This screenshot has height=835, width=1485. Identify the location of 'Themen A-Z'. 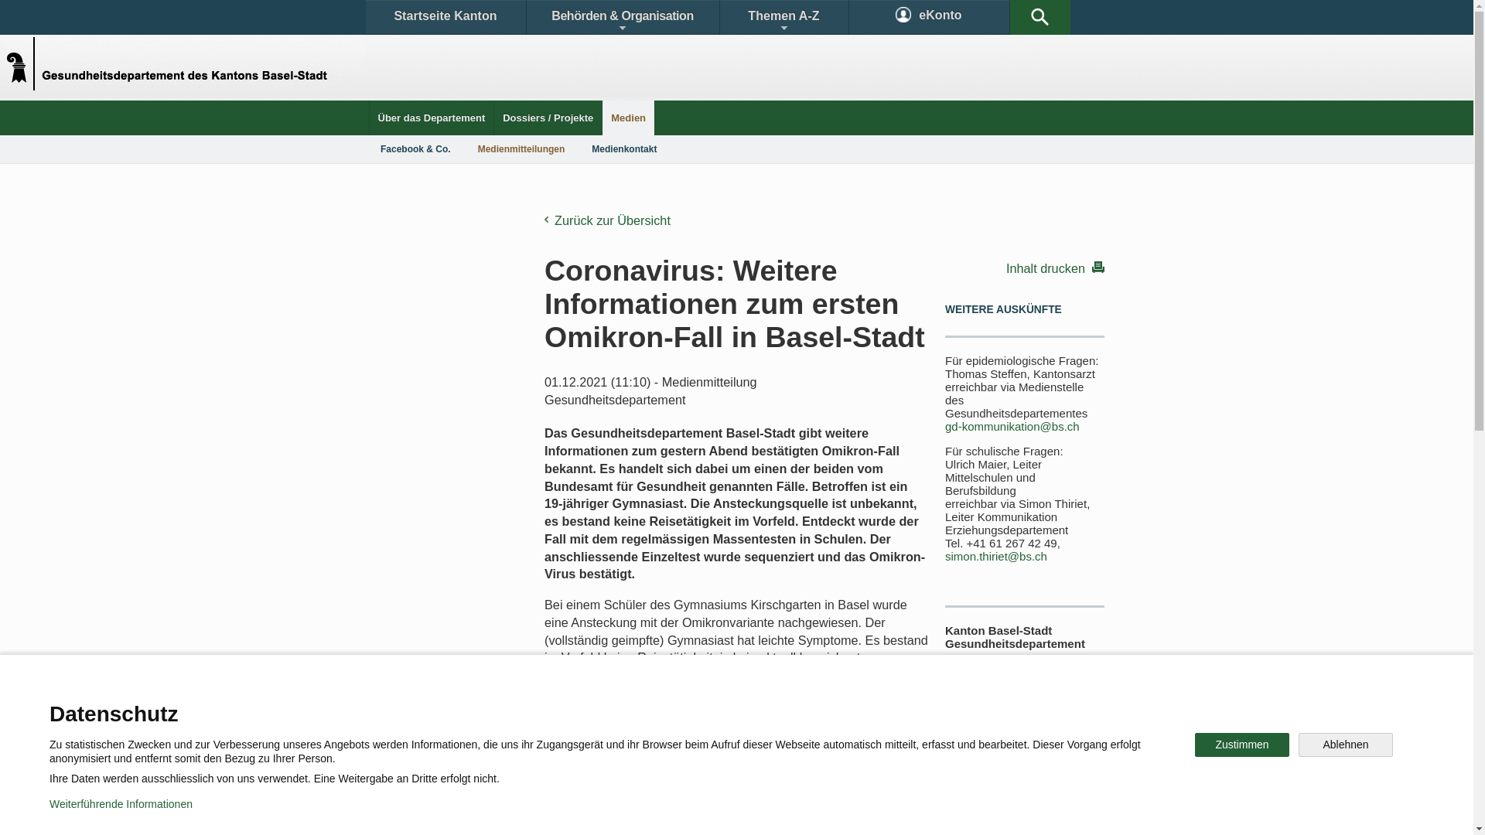
(783, 17).